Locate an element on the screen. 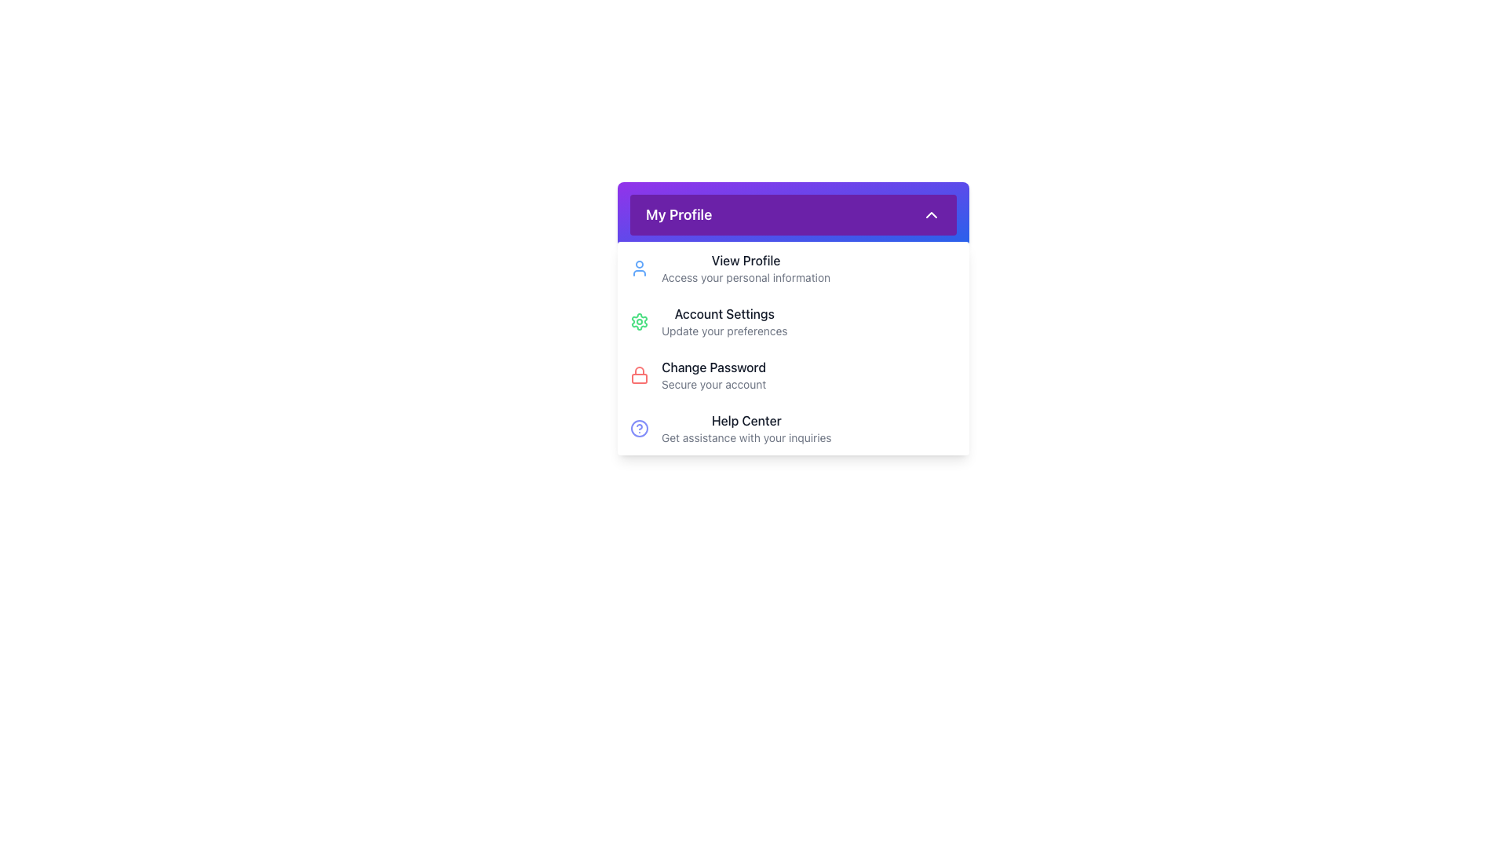 The height and width of the screenshot is (848, 1507). the 'Change Password' list item, which features a red lock icon and two lines of text is located at coordinates (794, 375).